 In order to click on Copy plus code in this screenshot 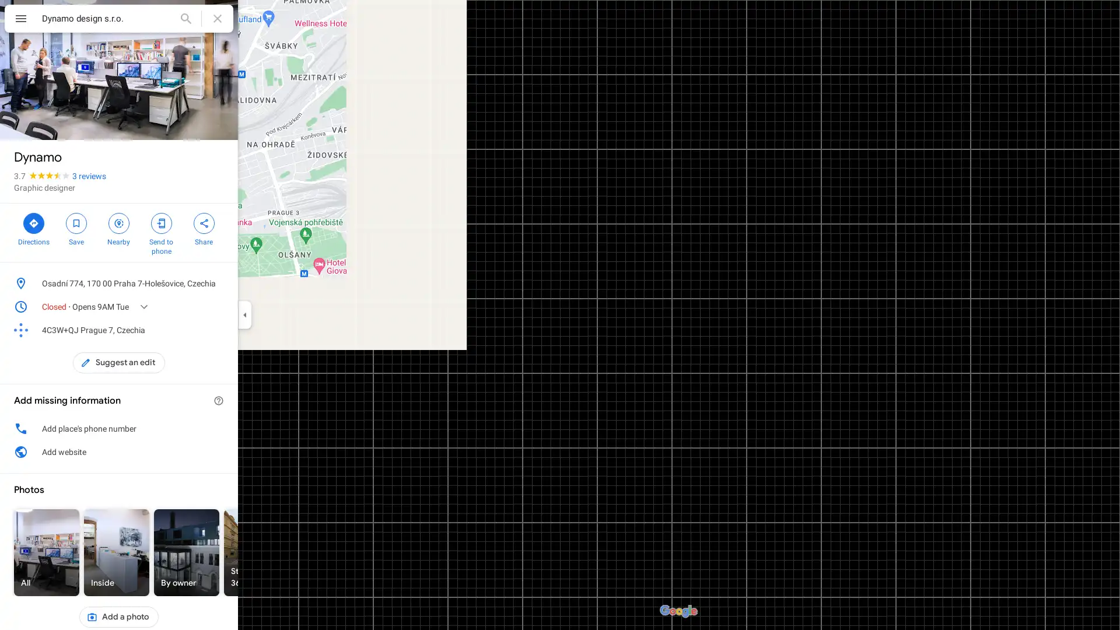, I will do `click(201, 330)`.